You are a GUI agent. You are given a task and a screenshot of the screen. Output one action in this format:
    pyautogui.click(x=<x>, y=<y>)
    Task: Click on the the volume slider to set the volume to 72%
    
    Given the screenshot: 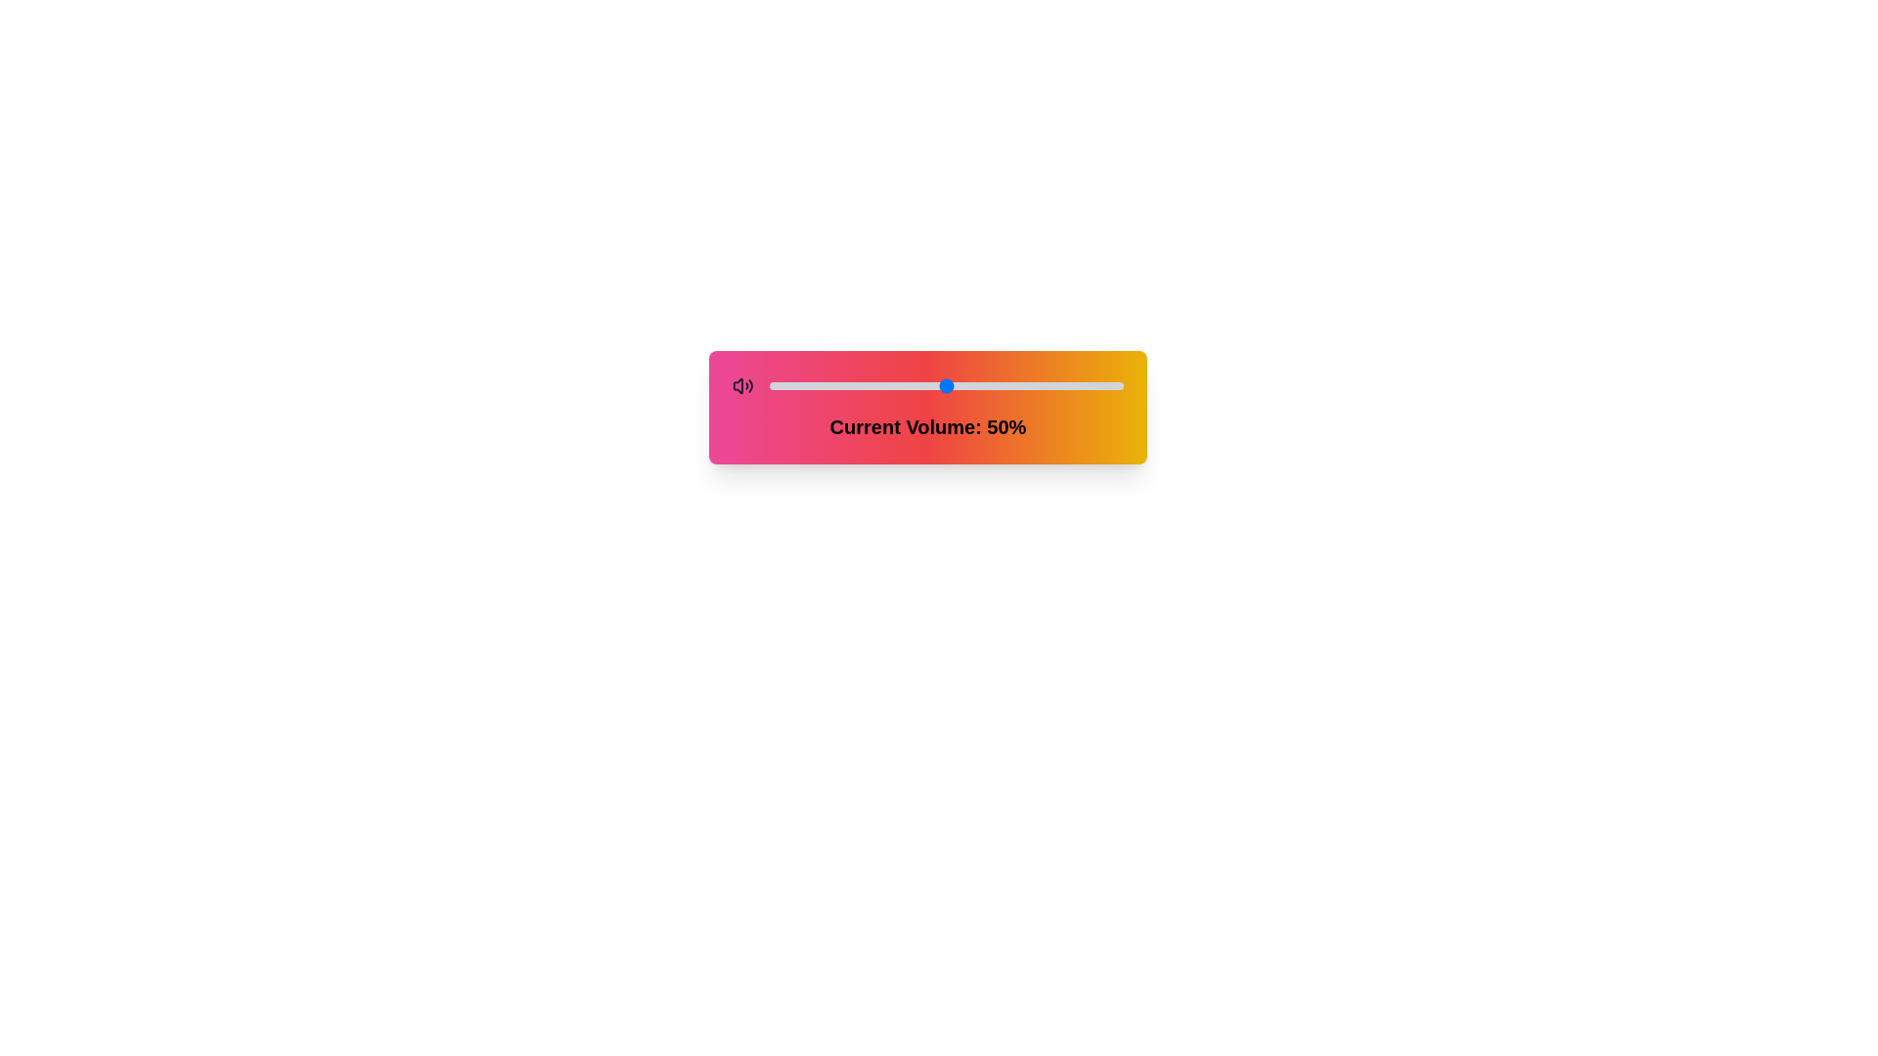 What is the action you would take?
    pyautogui.click(x=1023, y=385)
    